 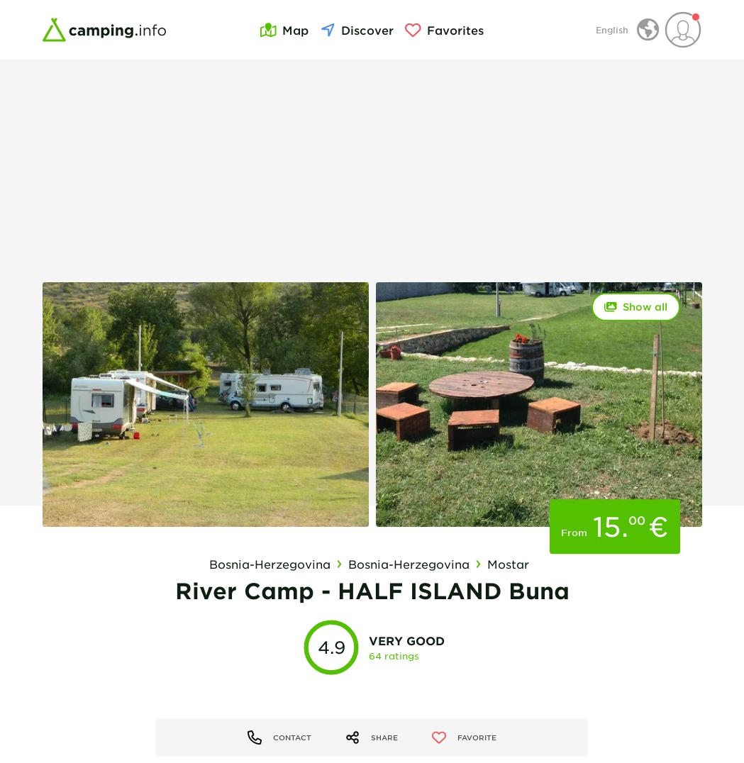 I want to click on 'Discover', so click(x=366, y=28).